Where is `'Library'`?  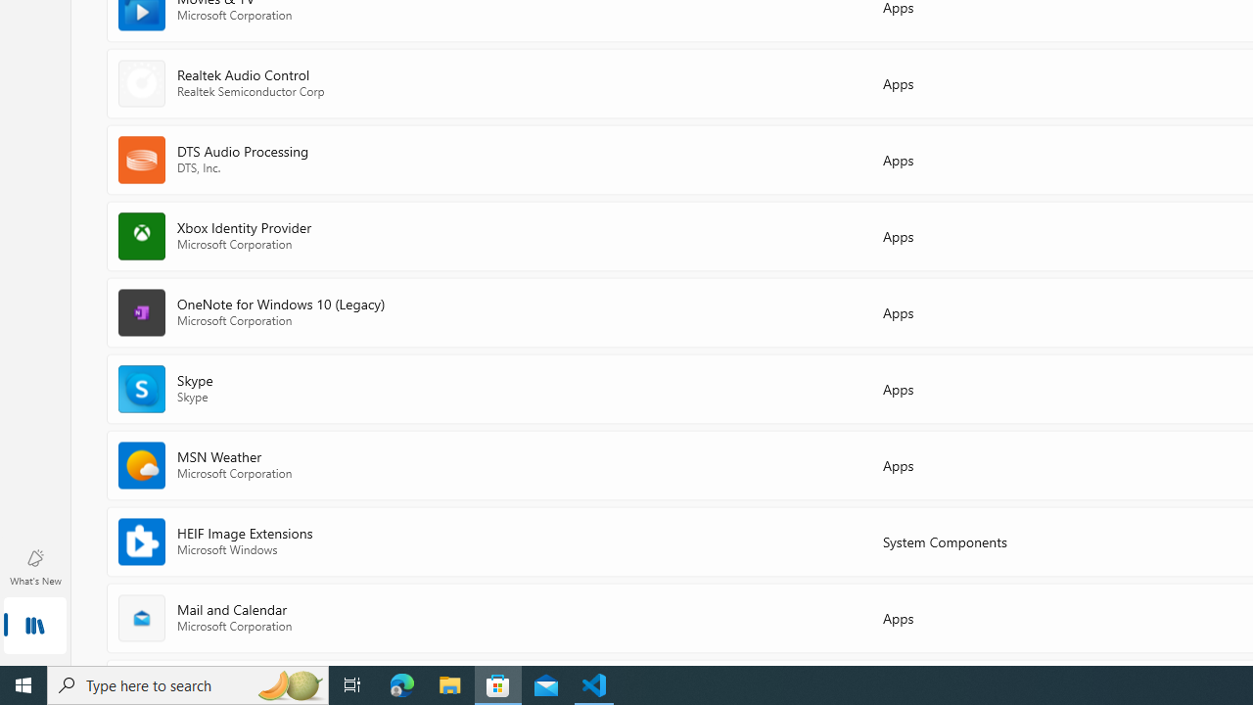 'Library' is located at coordinates (34, 627).